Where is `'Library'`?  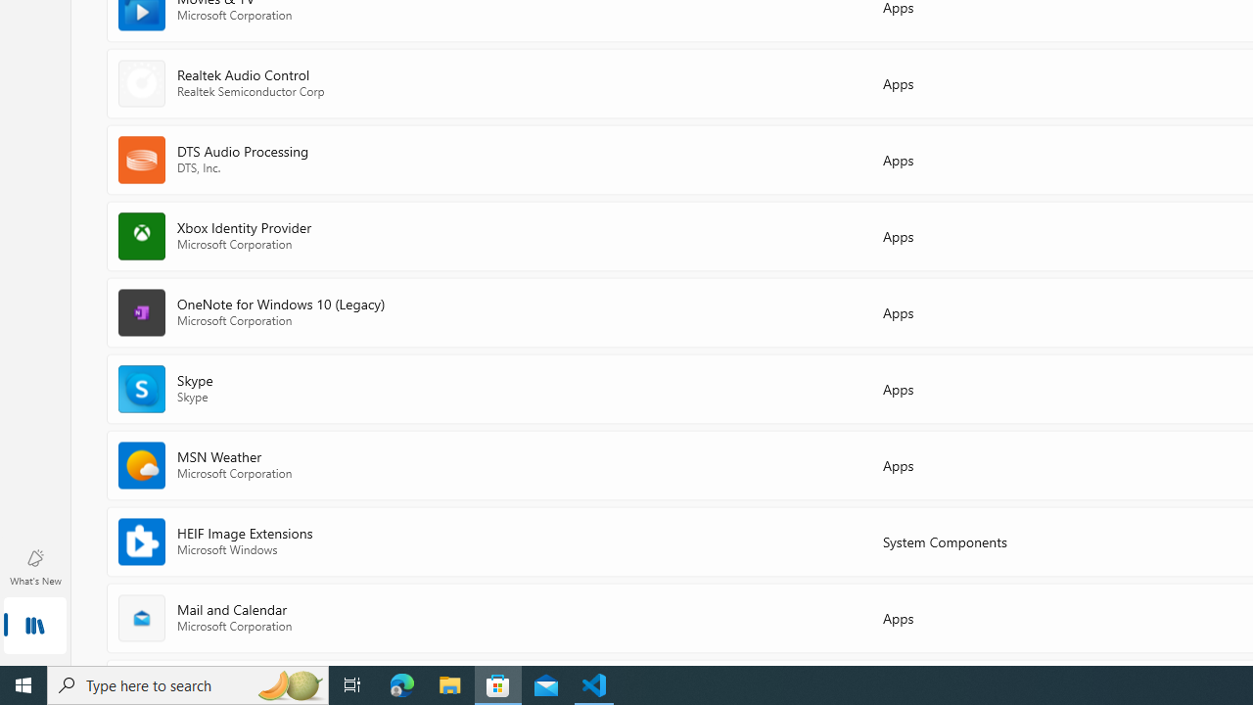 'Library' is located at coordinates (34, 627).